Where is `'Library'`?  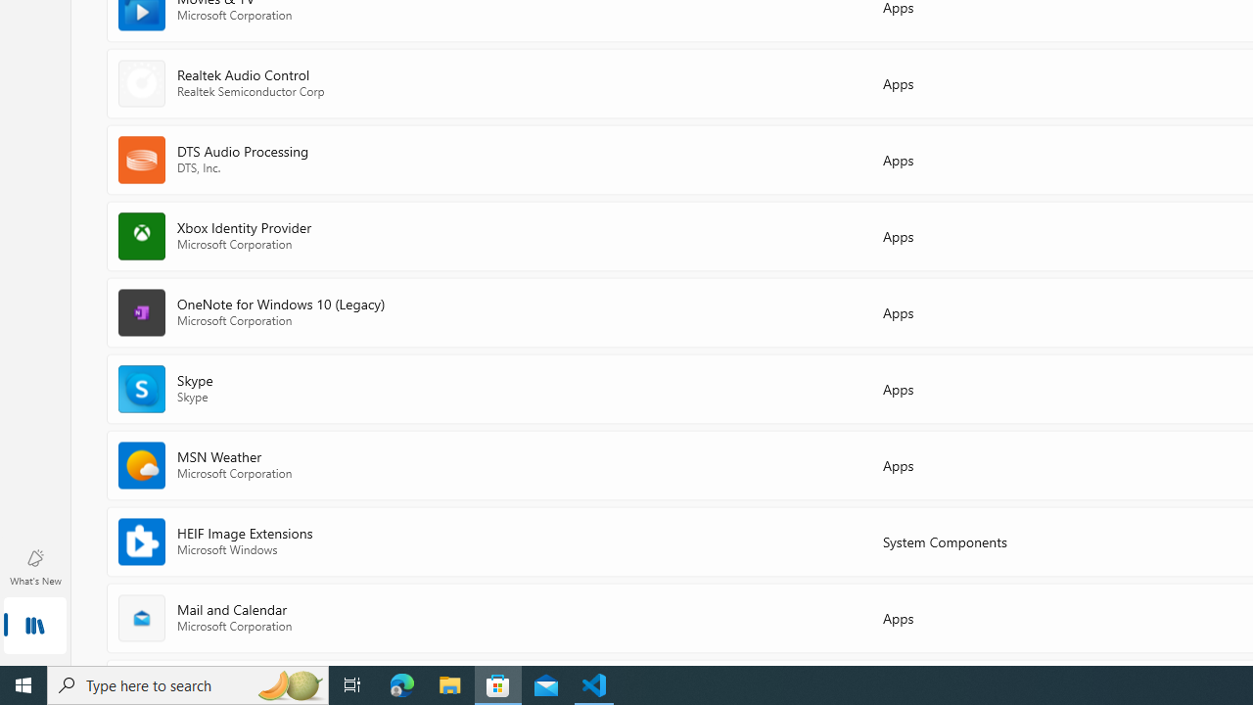 'Library' is located at coordinates (34, 627).